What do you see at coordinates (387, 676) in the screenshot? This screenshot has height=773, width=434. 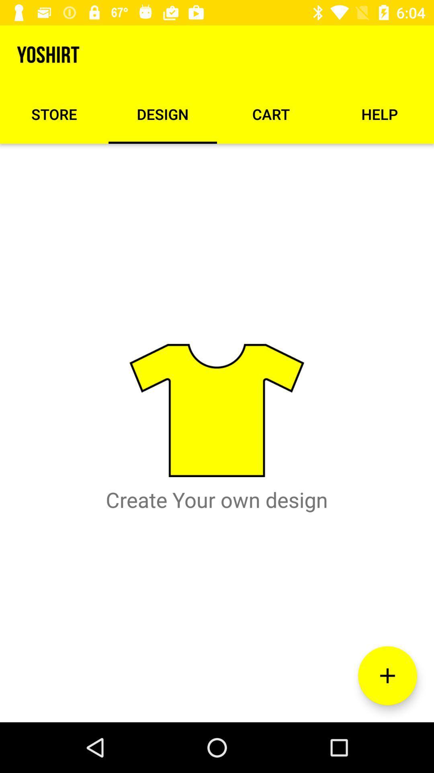 I see `item below help` at bounding box center [387, 676].